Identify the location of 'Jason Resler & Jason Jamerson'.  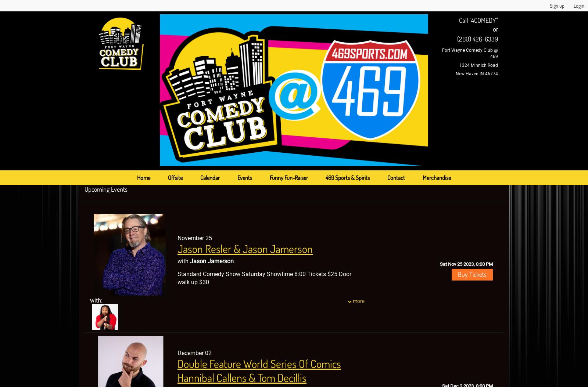
(245, 248).